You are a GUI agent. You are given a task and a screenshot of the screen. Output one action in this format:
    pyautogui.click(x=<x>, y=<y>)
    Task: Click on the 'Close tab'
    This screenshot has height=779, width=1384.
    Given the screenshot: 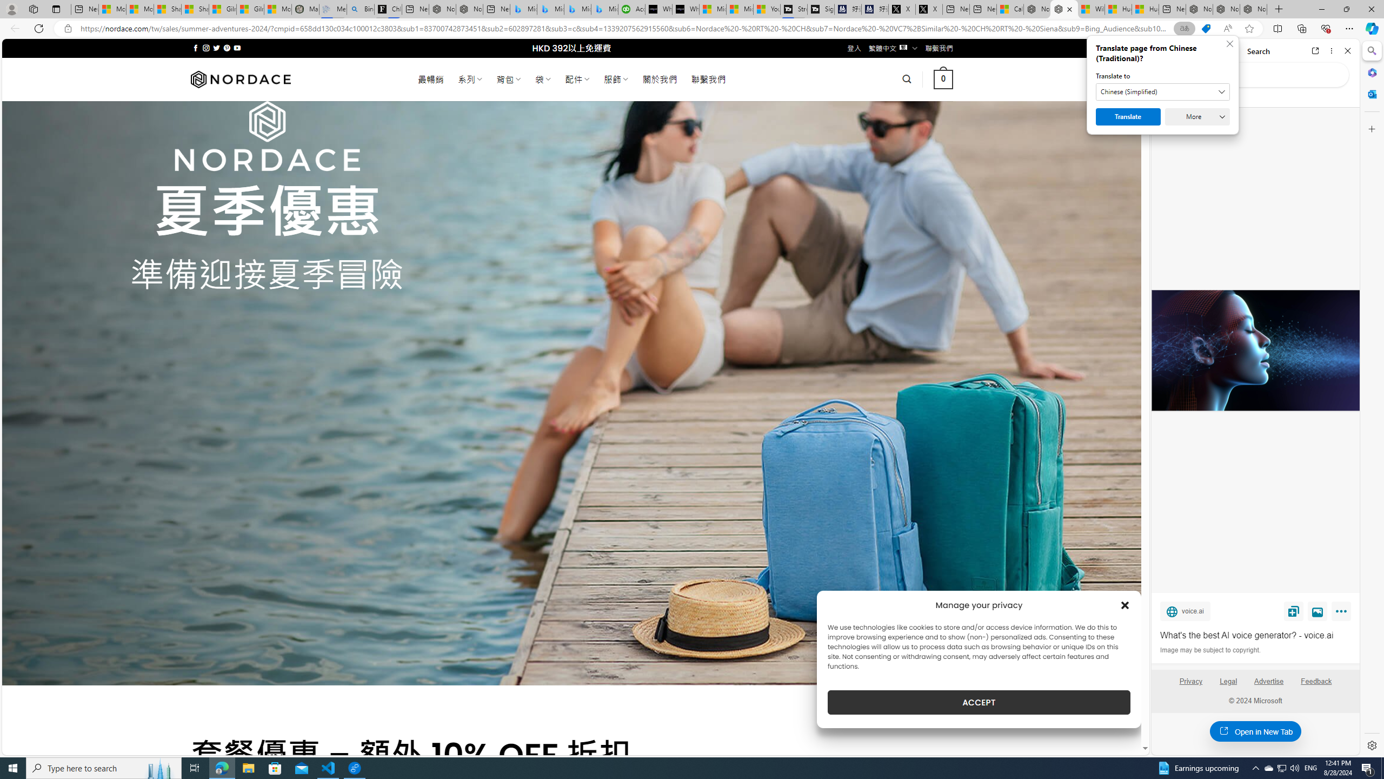 What is the action you would take?
    pyautogui.click(x=1069, y=9)
    